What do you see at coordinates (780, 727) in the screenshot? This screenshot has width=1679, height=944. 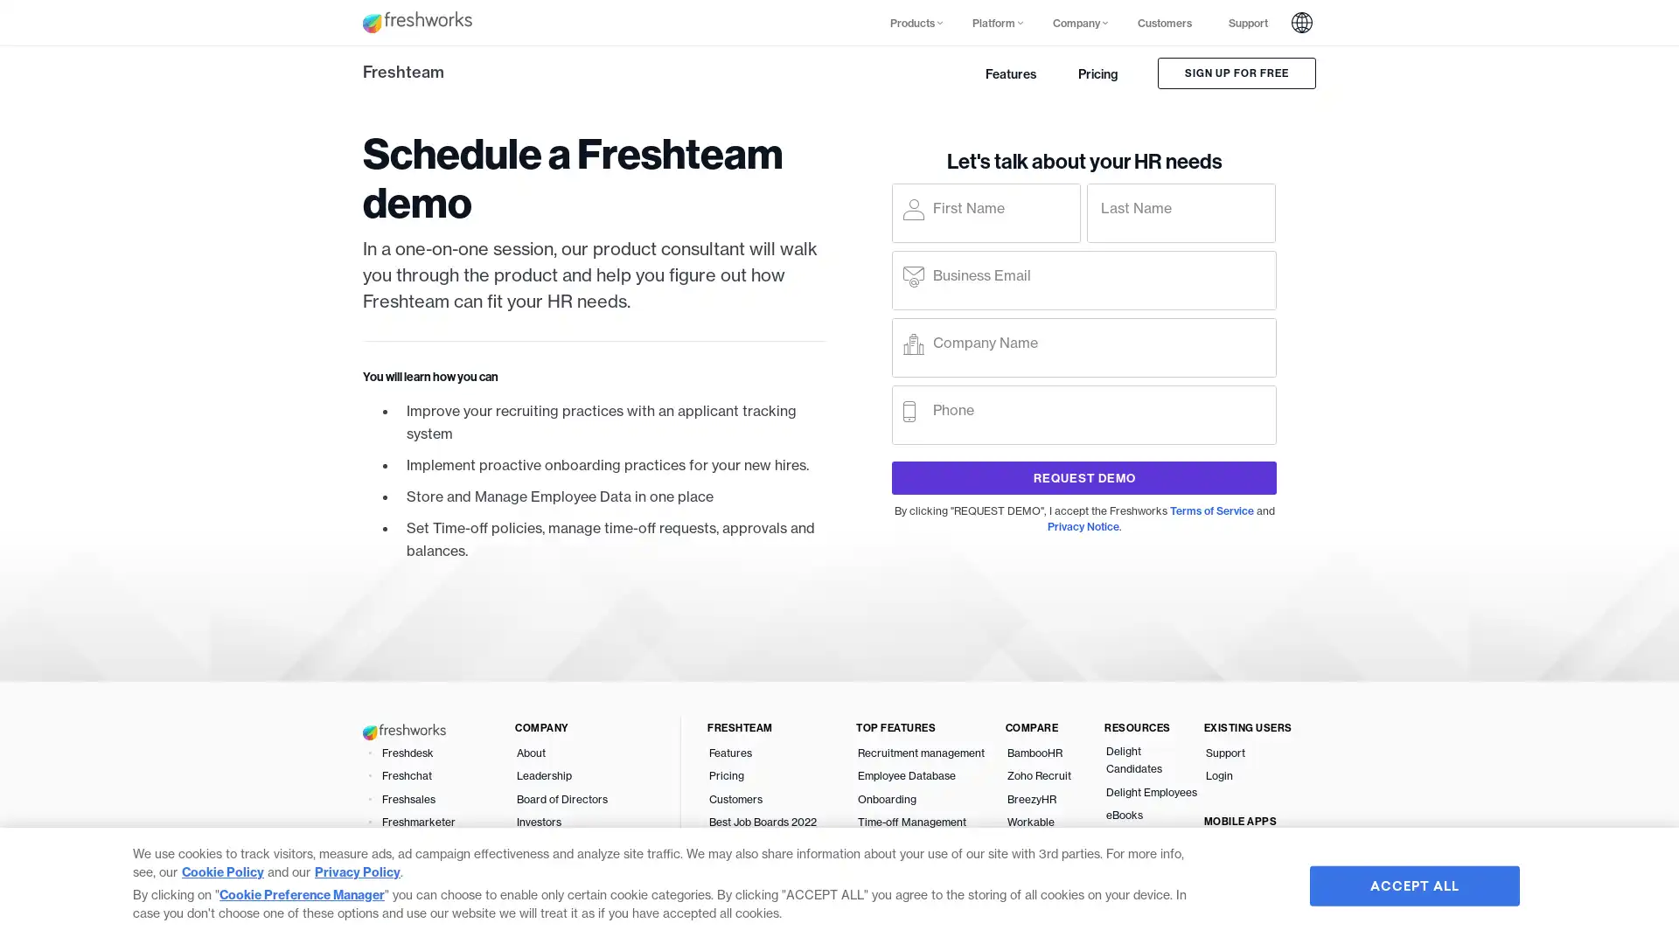 I see `FRESHTEAM` at bounding box center [780, 727].